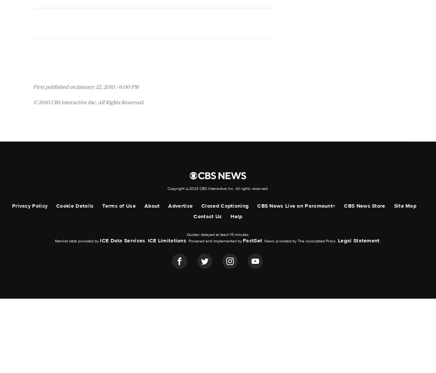 The image size is (436, 373). I want to click on '. News provided by The Associated Press.', so click(299, 240).